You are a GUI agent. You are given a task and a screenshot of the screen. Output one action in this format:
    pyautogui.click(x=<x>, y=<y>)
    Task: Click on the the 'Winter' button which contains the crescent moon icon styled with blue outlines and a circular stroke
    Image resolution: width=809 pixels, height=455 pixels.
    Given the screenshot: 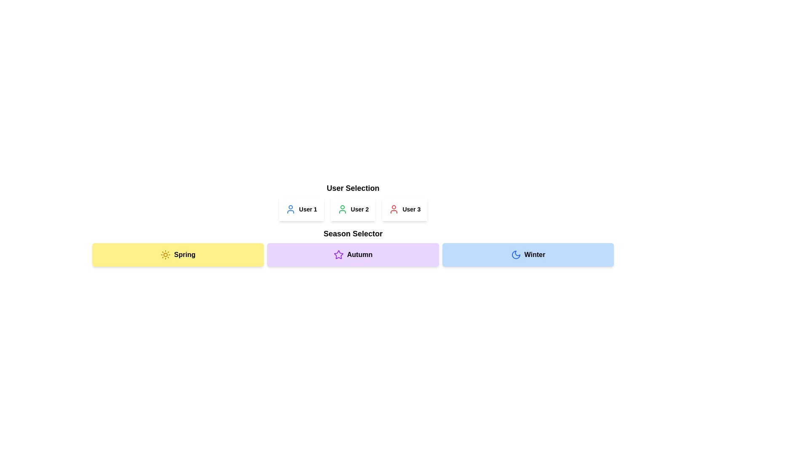 What is the action you would take?
    pyautogui.click(x=515, y=254)
    